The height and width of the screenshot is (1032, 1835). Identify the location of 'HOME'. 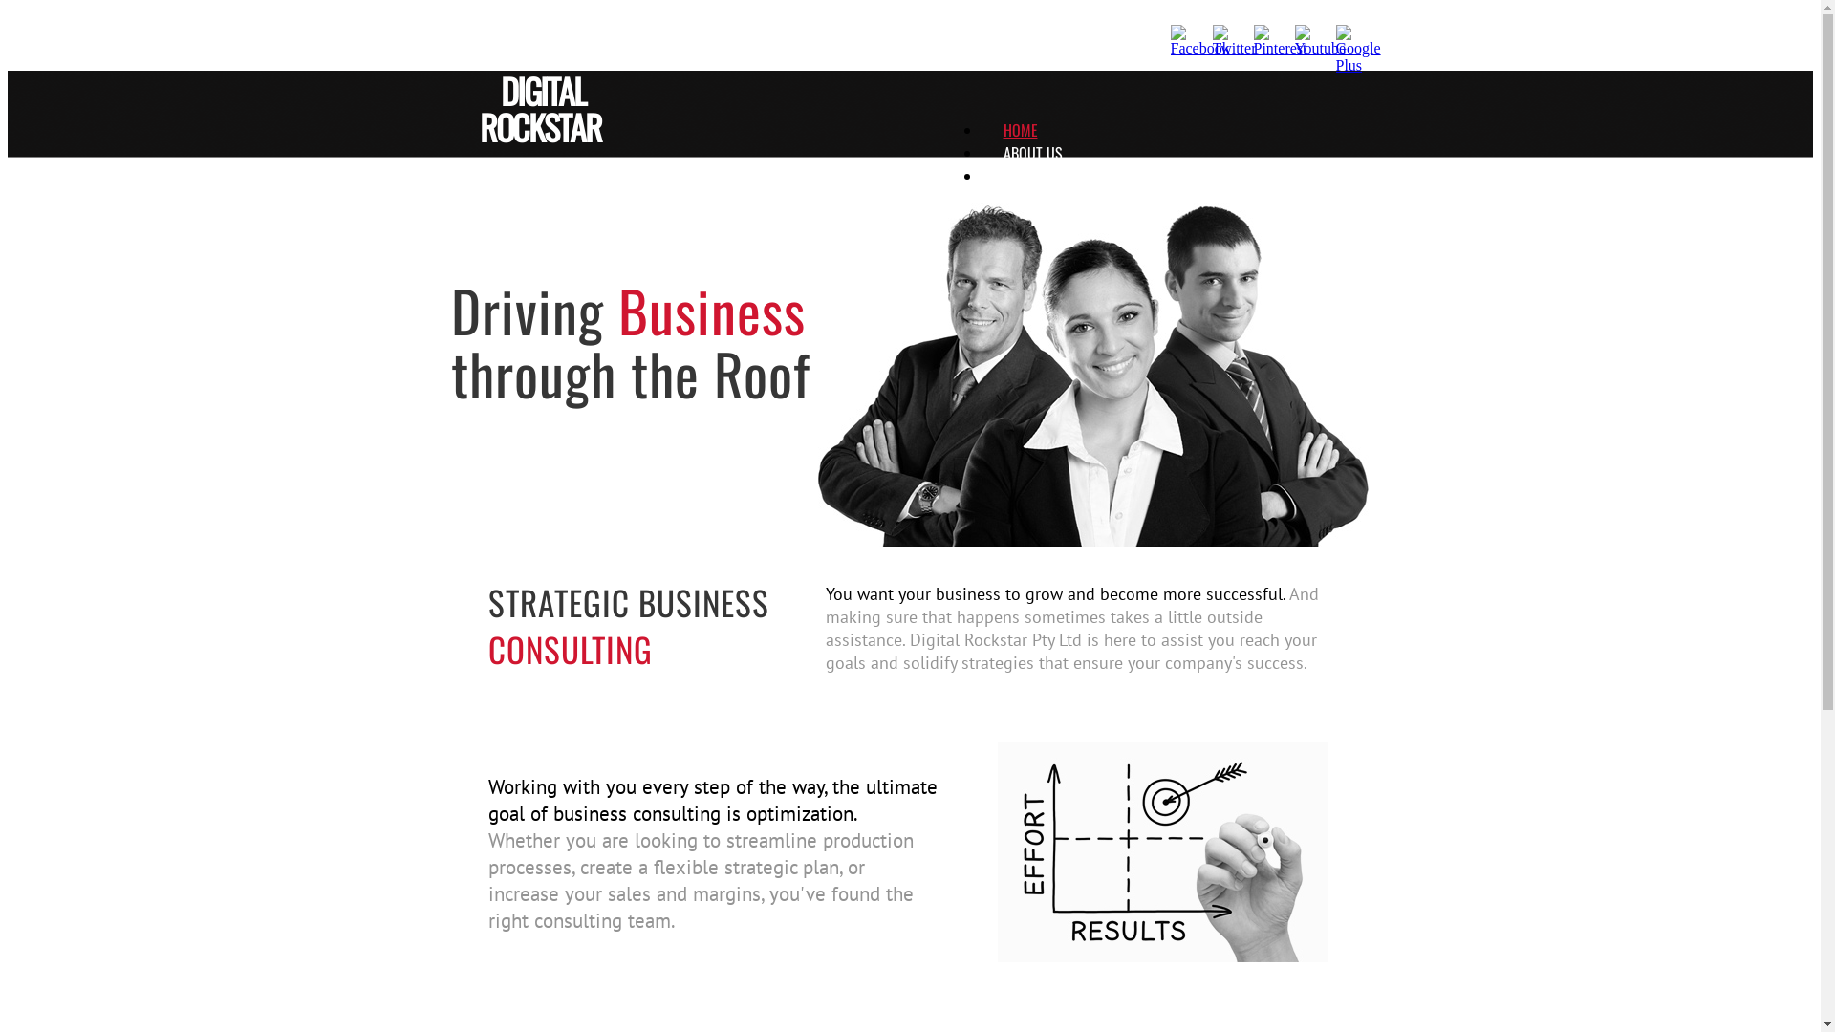
(1003, 129).